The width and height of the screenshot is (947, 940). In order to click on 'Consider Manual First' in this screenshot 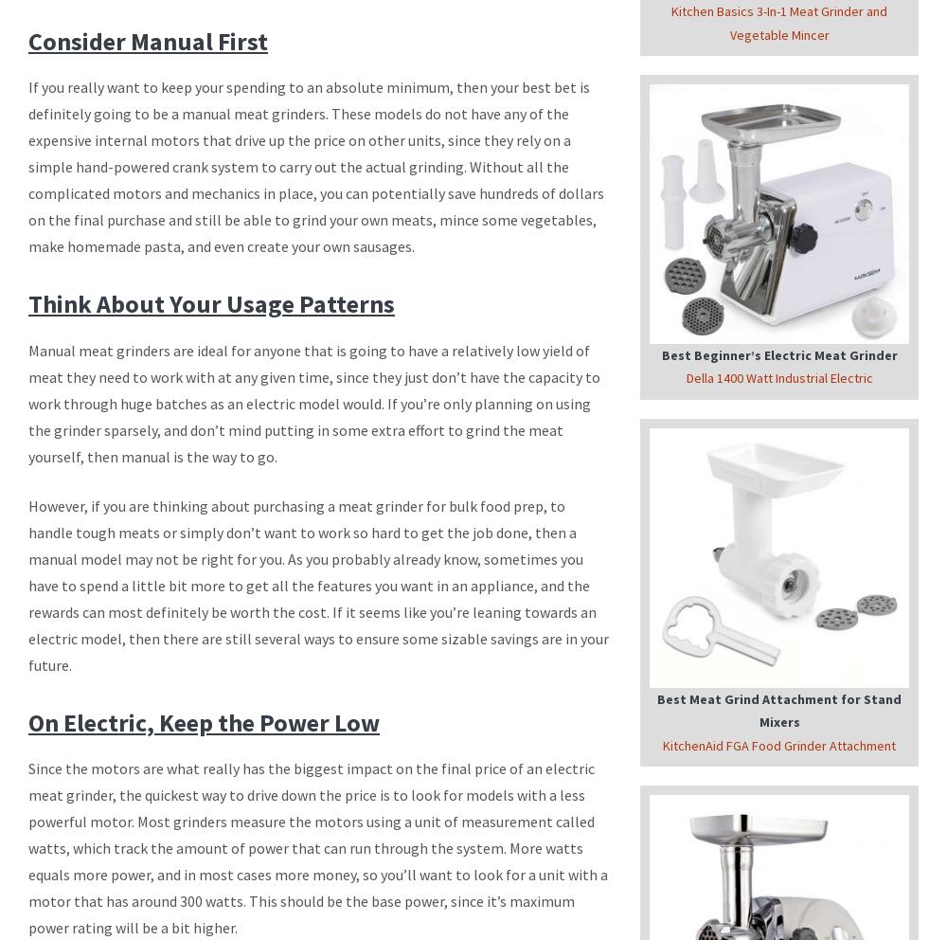, I will do `click(148, 40)`.